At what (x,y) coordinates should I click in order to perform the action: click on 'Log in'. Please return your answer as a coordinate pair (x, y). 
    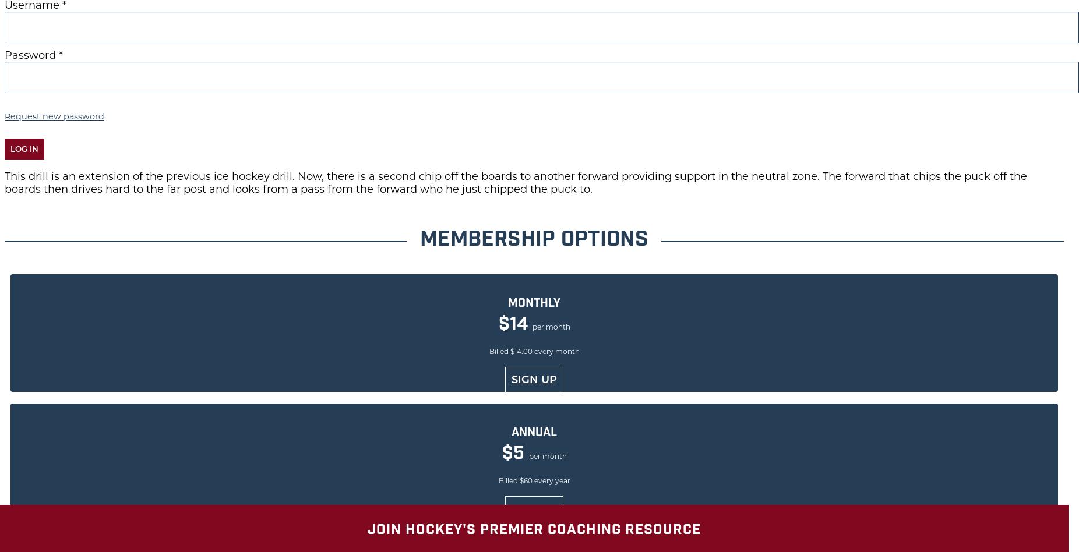
    Looking at the image, I should click on (24, 148).